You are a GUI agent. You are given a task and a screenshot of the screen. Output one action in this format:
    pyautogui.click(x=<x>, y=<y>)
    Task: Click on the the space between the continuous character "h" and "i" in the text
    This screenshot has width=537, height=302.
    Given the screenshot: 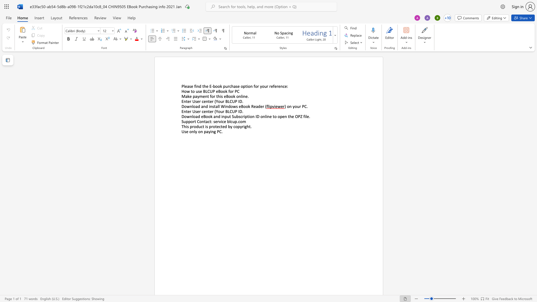 What is the action you would take?
    pyautogui.click(x=185, y=126)
    